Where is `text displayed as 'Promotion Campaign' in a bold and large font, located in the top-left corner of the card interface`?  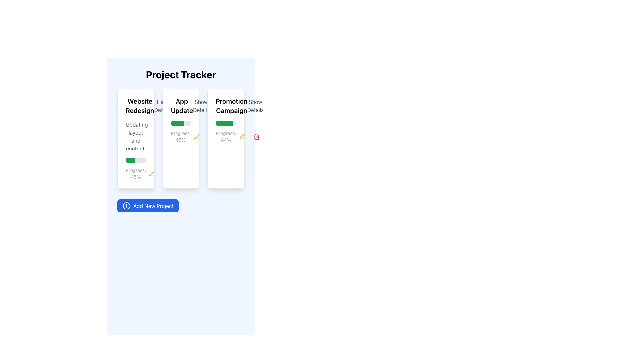 text displayed as 'Promotion Campaign' in a bold and large font, located in the top-left corner of the card interface is located at coordinates (226, 106).